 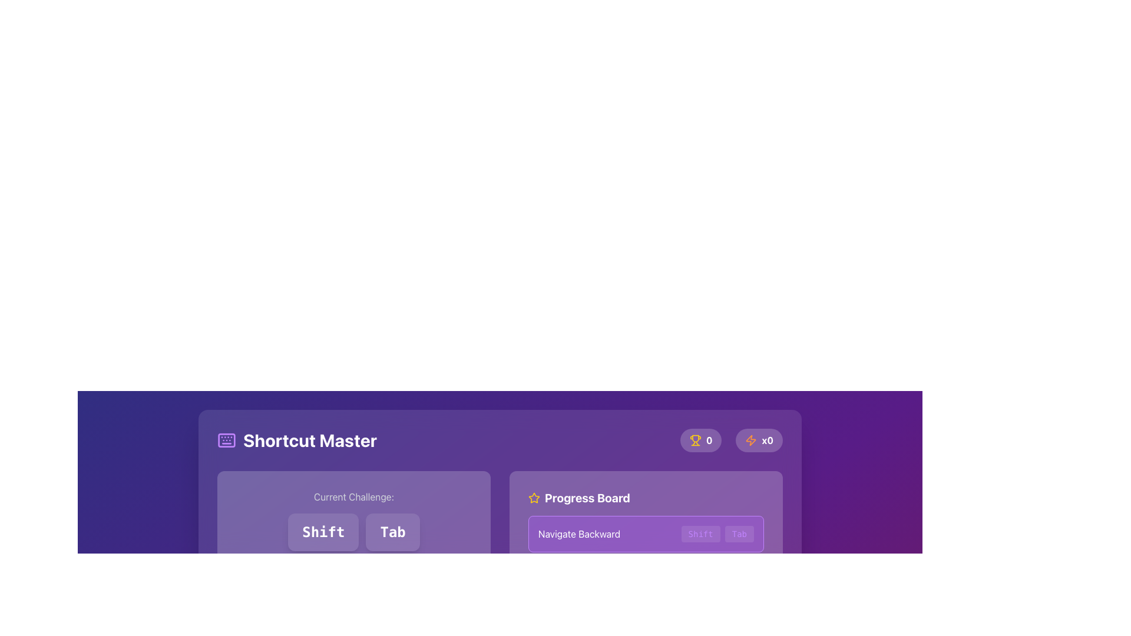 I want to click on text of the label with the keyboard icon, which displays 'Shortcut Master' in bold, large white font, so click(x=297, y=440).